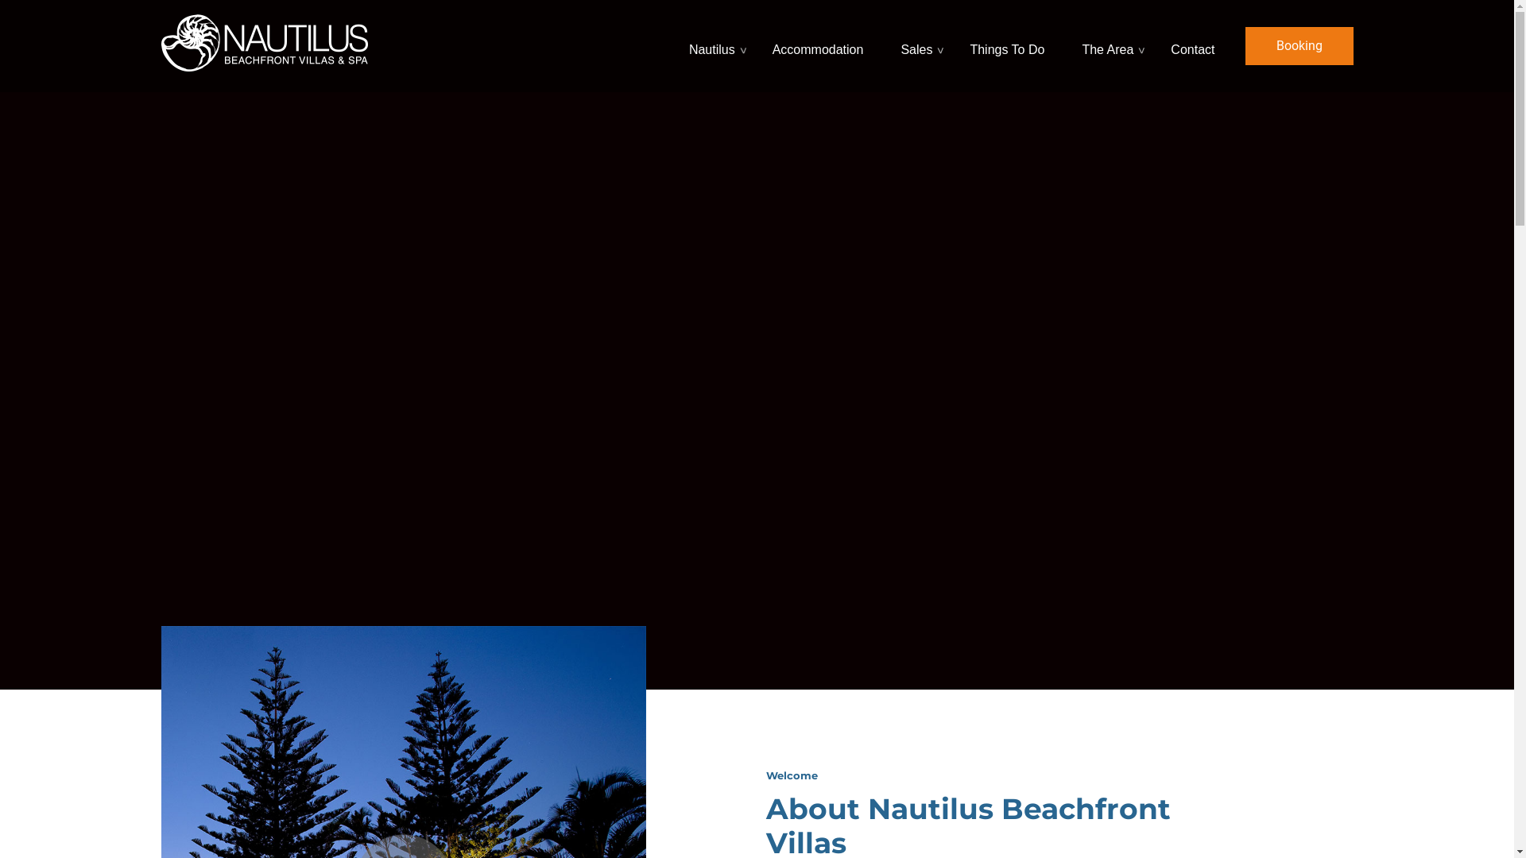  What do you see at coordinates (1164, 44) in the screenshot?
I see `'Contact'` at bounding box center [1164, 44].